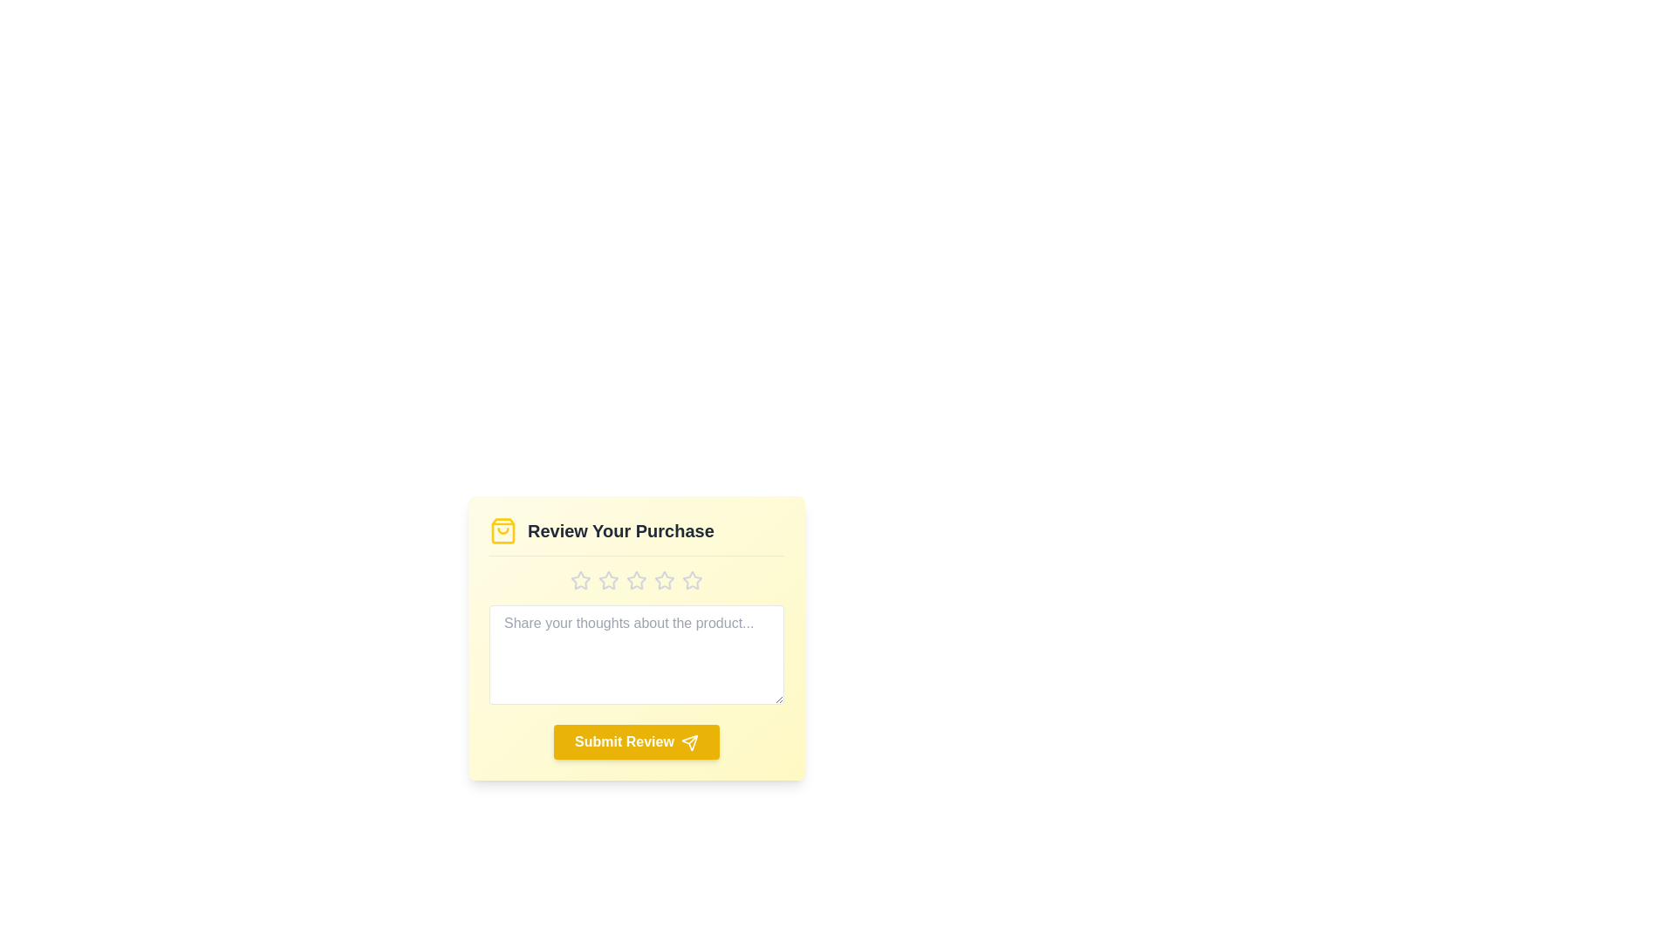 The height and width of the screenshot is (942, 1675). I want to click on the shopping bag icon to draw attention to it, so click(502, 530).